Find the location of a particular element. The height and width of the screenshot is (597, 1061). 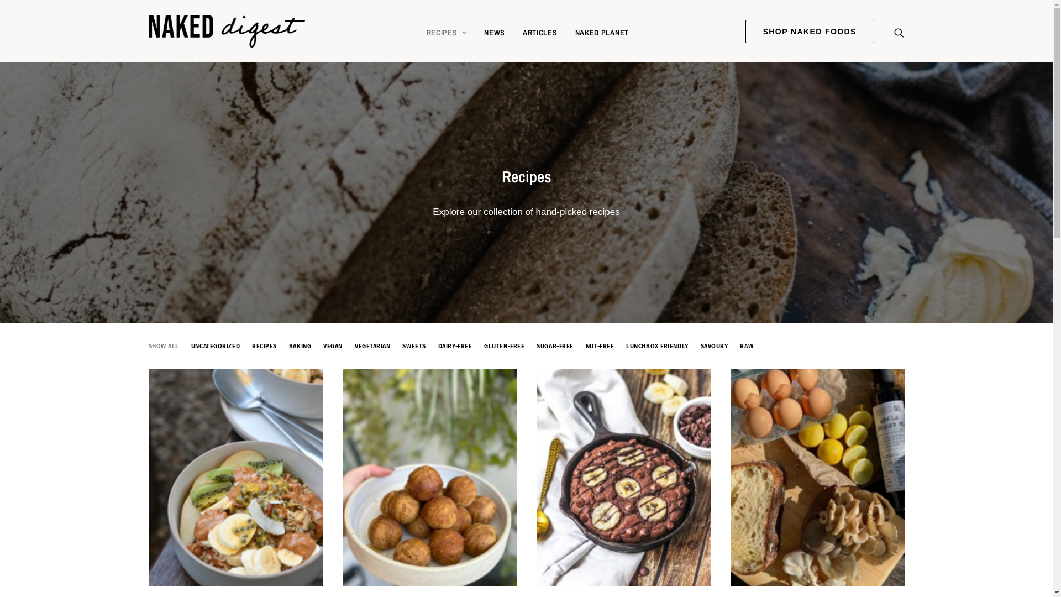

'DAIRY-FREE' is located at coordinates (455, 345).